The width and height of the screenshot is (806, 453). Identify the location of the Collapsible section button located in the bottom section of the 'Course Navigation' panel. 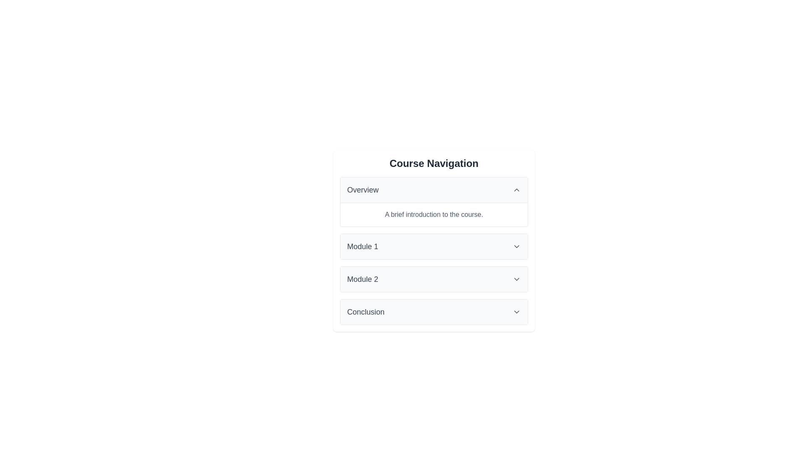
(434, 312).